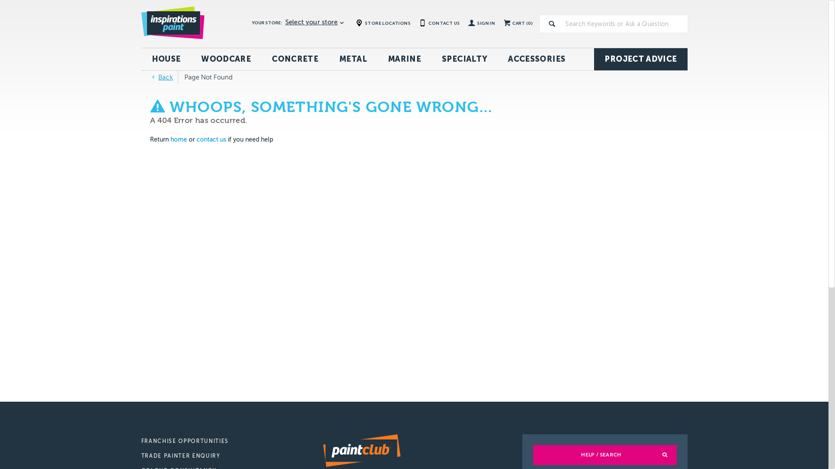  What do you see at coordinates (383, 23) in the screenshot?
I see `'STORE LOCATIONS'` at bounding box center [383, 23].